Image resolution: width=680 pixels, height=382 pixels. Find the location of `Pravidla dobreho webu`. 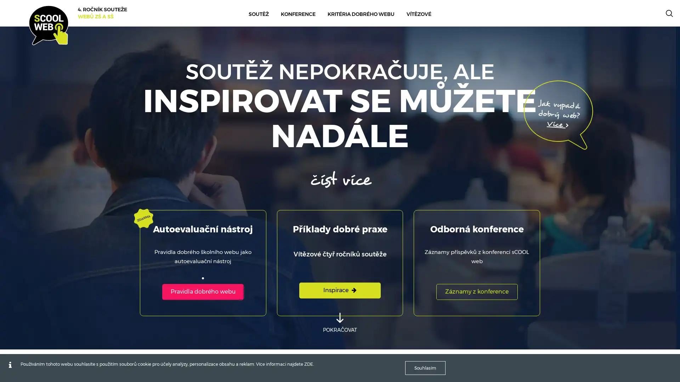

Pravidla dobreho webu is located at coordinates (202, 291).